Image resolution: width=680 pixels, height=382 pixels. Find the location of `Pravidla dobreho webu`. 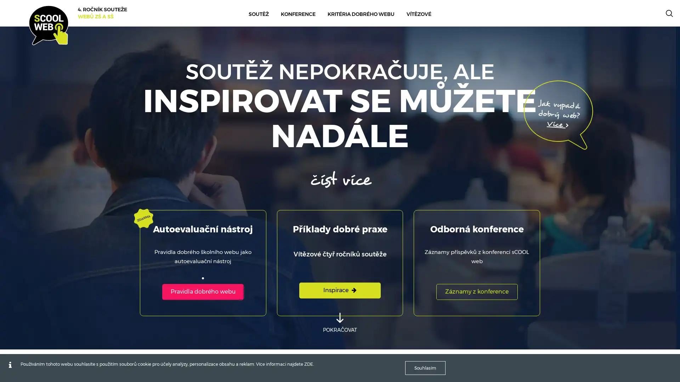

Pravidla dobreho webu is located at coordinates (202, 291).